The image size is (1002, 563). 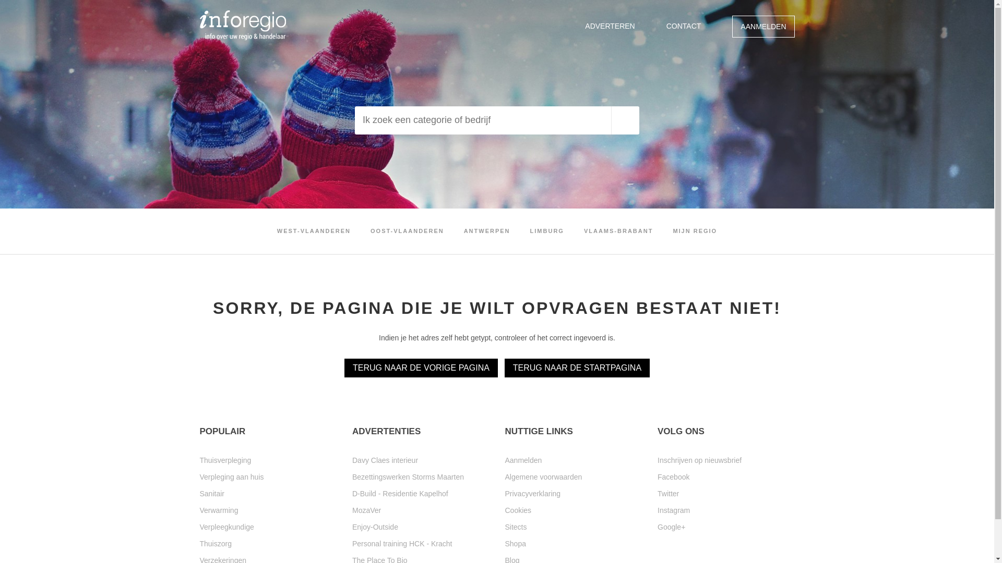 What do you see at coordinates (313, 230) in the screenshot?
I see `'WEST-VLAANDEREN'` at bounding box center [313, 230].